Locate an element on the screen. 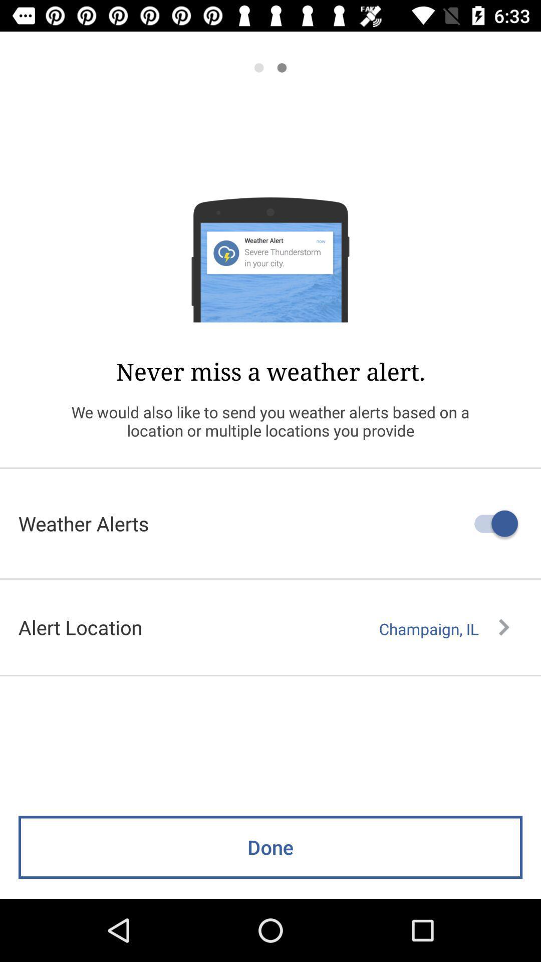  icon to the right of alert location is located at coordinates (443, 628).